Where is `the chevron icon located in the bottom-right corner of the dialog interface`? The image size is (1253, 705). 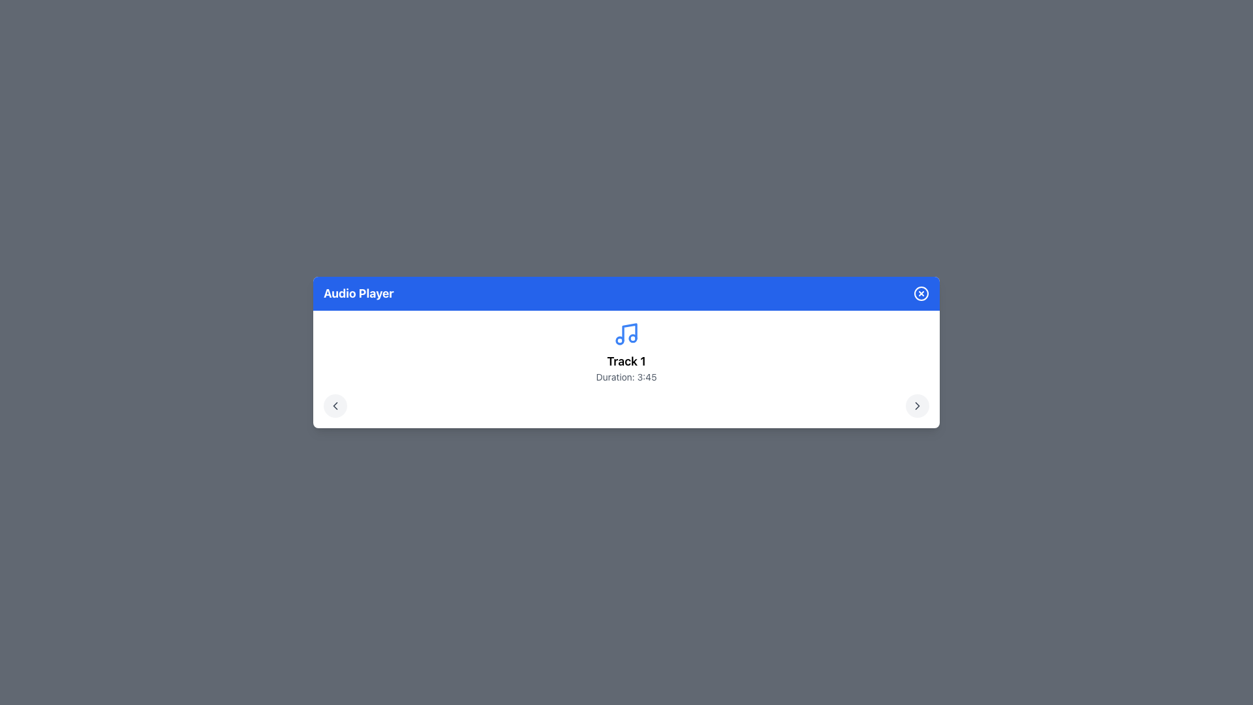
the chevron icon located in the bottom-right corner of the dialog interface is located at coordinates (917, 405).